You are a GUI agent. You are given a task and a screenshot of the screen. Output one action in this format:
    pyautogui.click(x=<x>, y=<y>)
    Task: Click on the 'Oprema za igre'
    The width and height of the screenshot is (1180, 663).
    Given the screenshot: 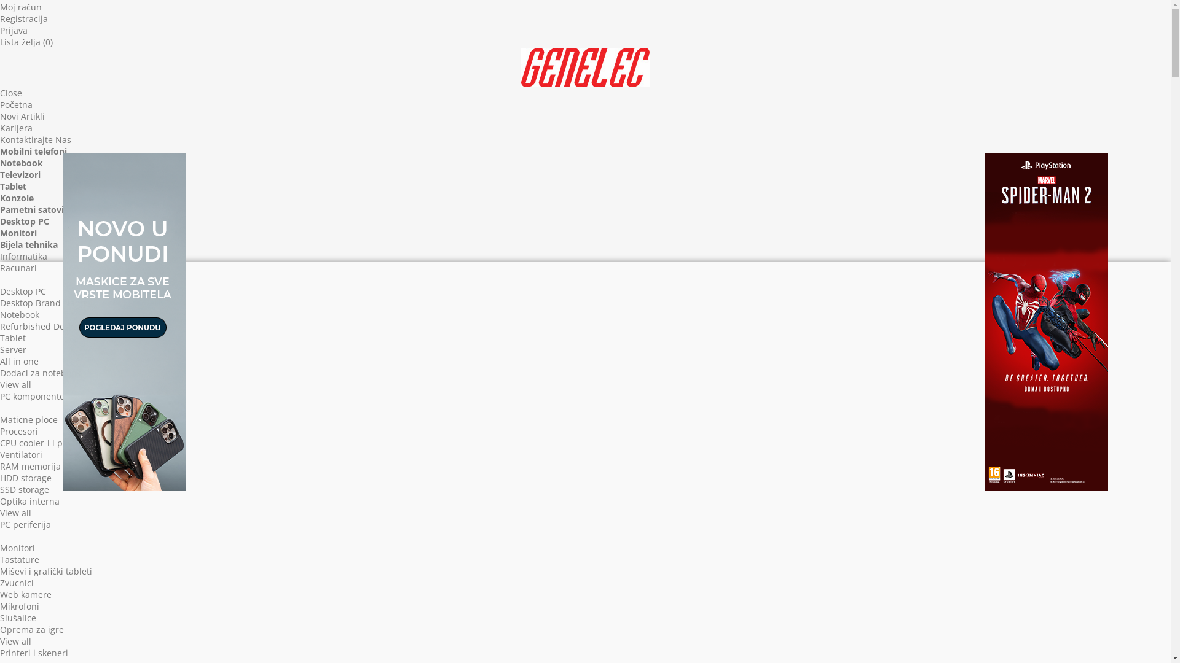 What is the action you would take?
    pyautogui.click(x=32, y=629)
    